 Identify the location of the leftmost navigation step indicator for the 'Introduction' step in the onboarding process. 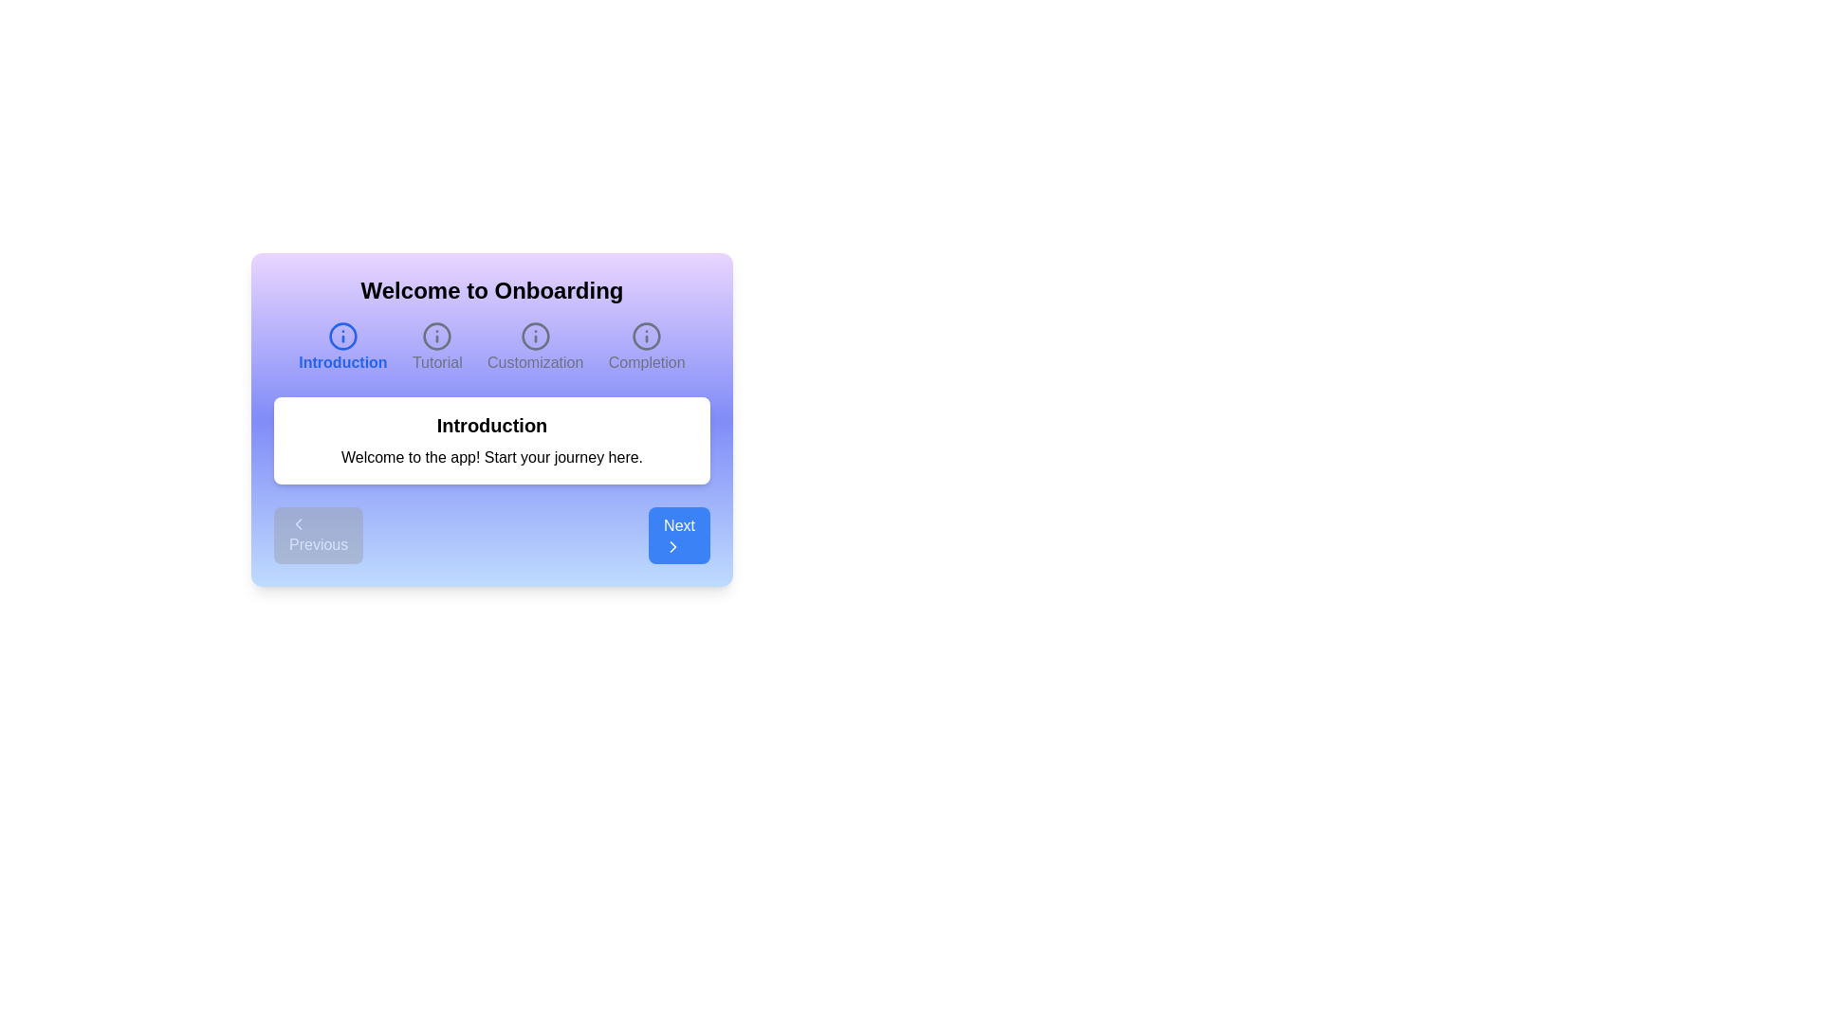
(342, 347).